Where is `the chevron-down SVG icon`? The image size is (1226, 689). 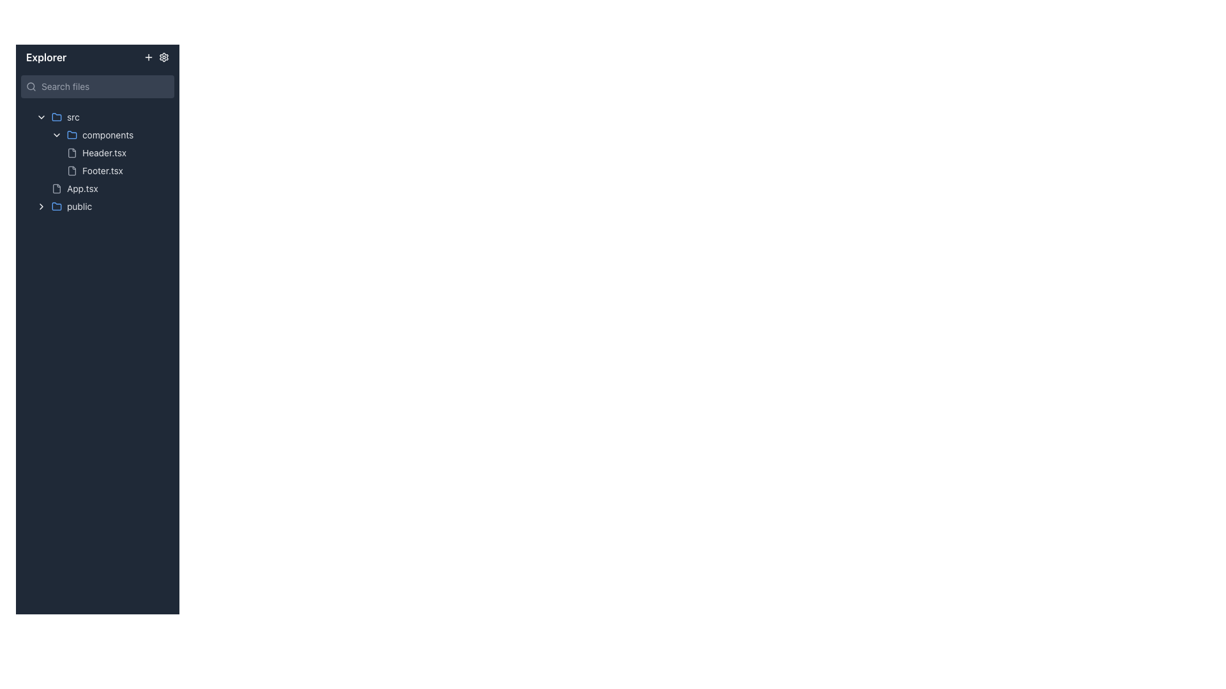
the chevron-down SVG icon is located at coordinates (42, 117).